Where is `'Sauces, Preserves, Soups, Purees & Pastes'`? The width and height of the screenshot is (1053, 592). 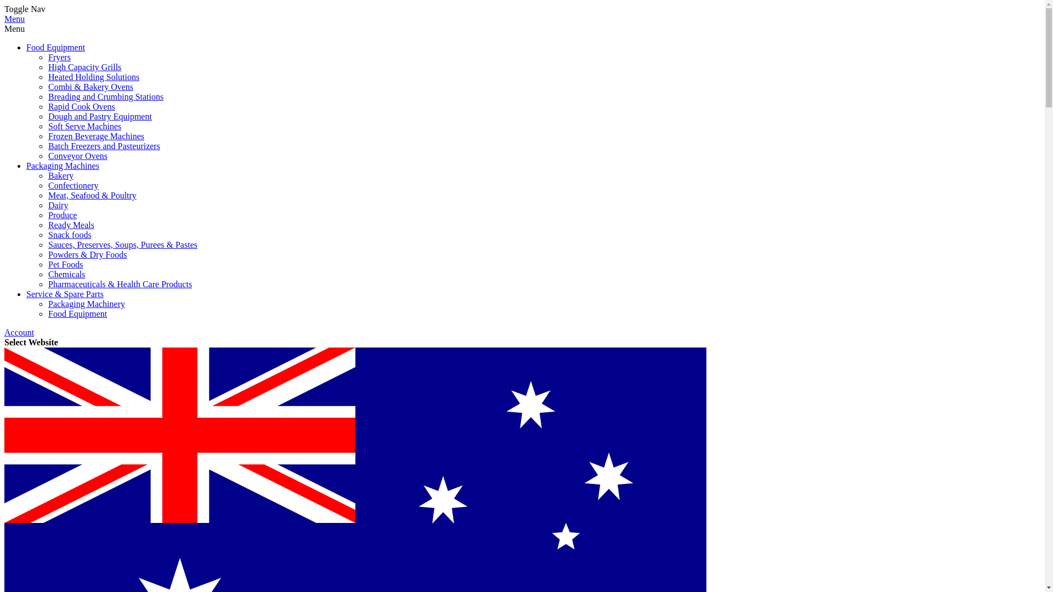 'Sauces, Preserves, Soups, Purees & Pastes' is located at coordinates (123, 244).